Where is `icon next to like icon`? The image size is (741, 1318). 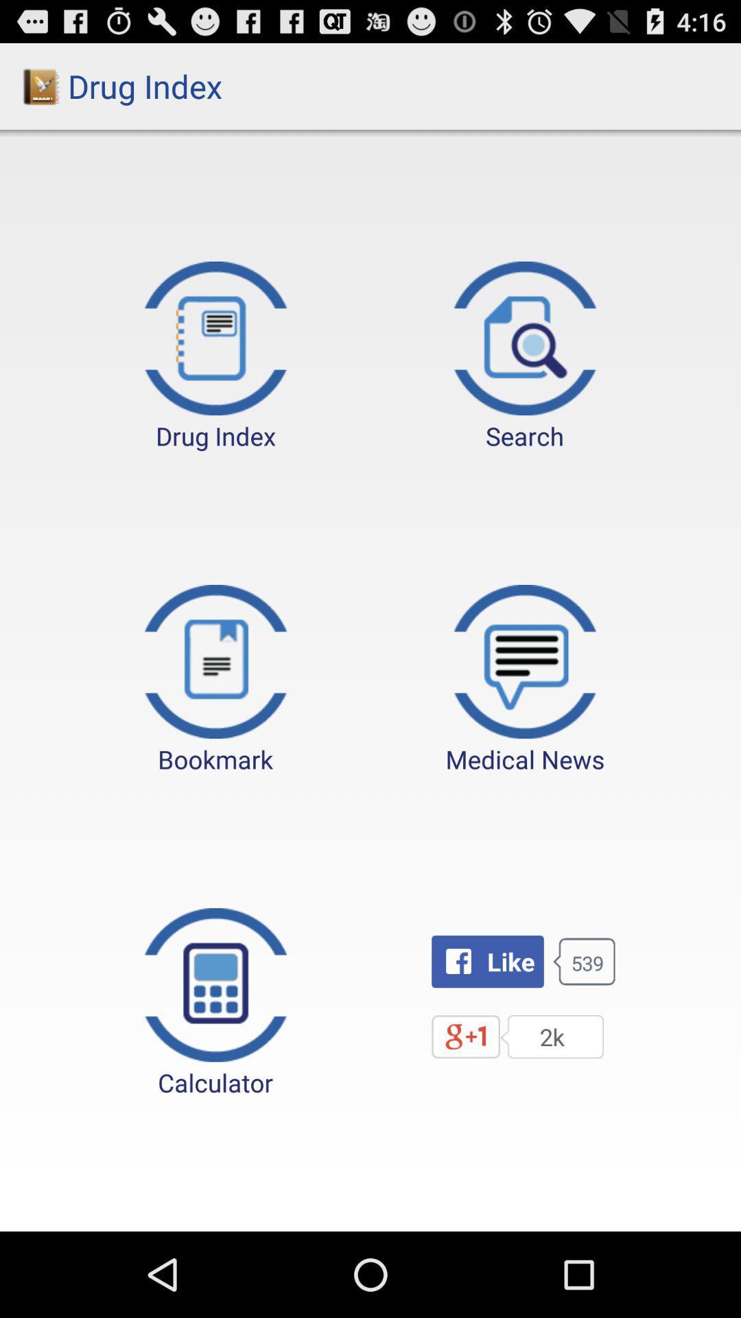
icon next to like icon is located at coordinates (215, 1004).